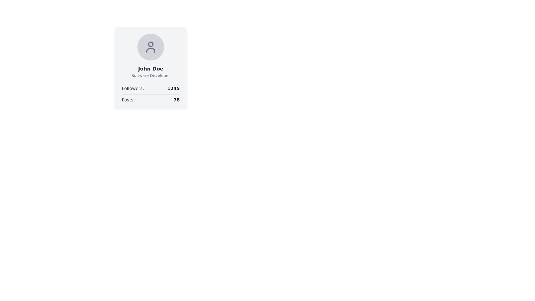 The image size is (535, 301). Describe the element at coordinates (151, 68) in the screenshot. I see `the text label displaying 'John Doe' in bold dark gray font, positioned below the avatar and above 'Software Developer'` at that location.